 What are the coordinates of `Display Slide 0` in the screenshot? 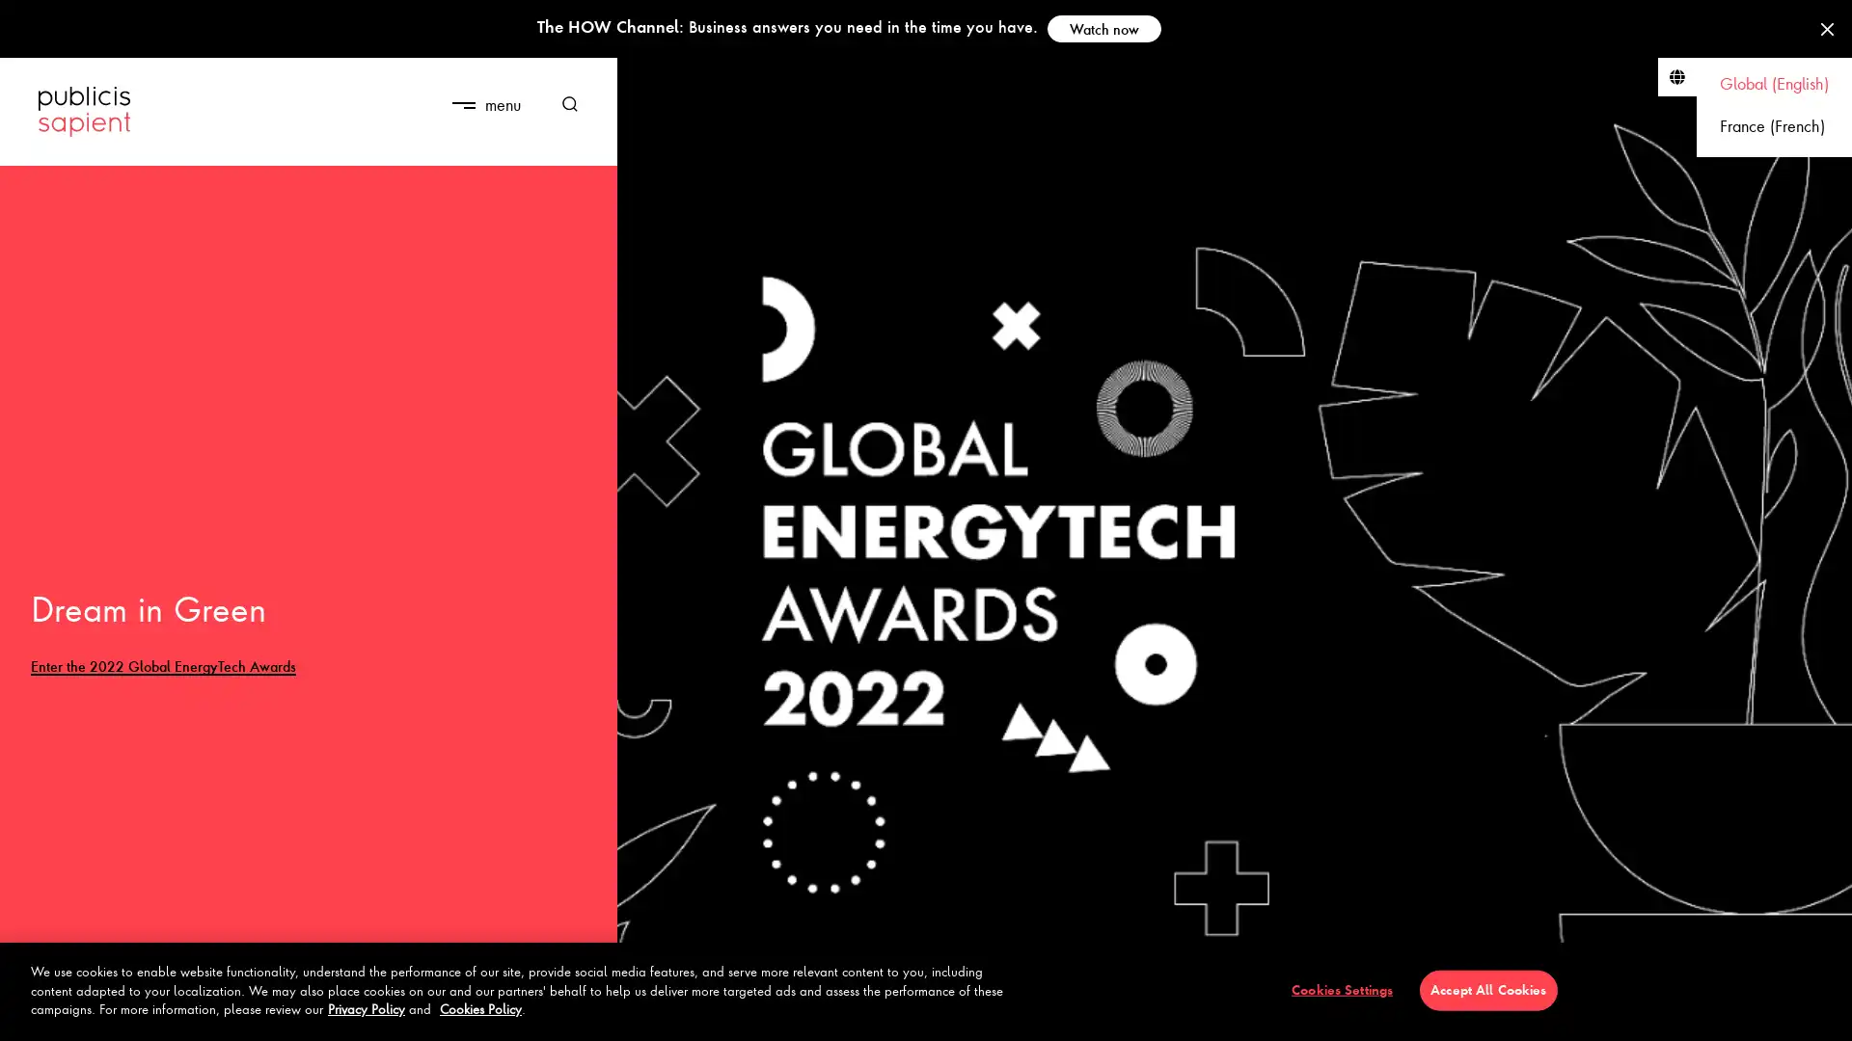 It's located at (37, 1014).